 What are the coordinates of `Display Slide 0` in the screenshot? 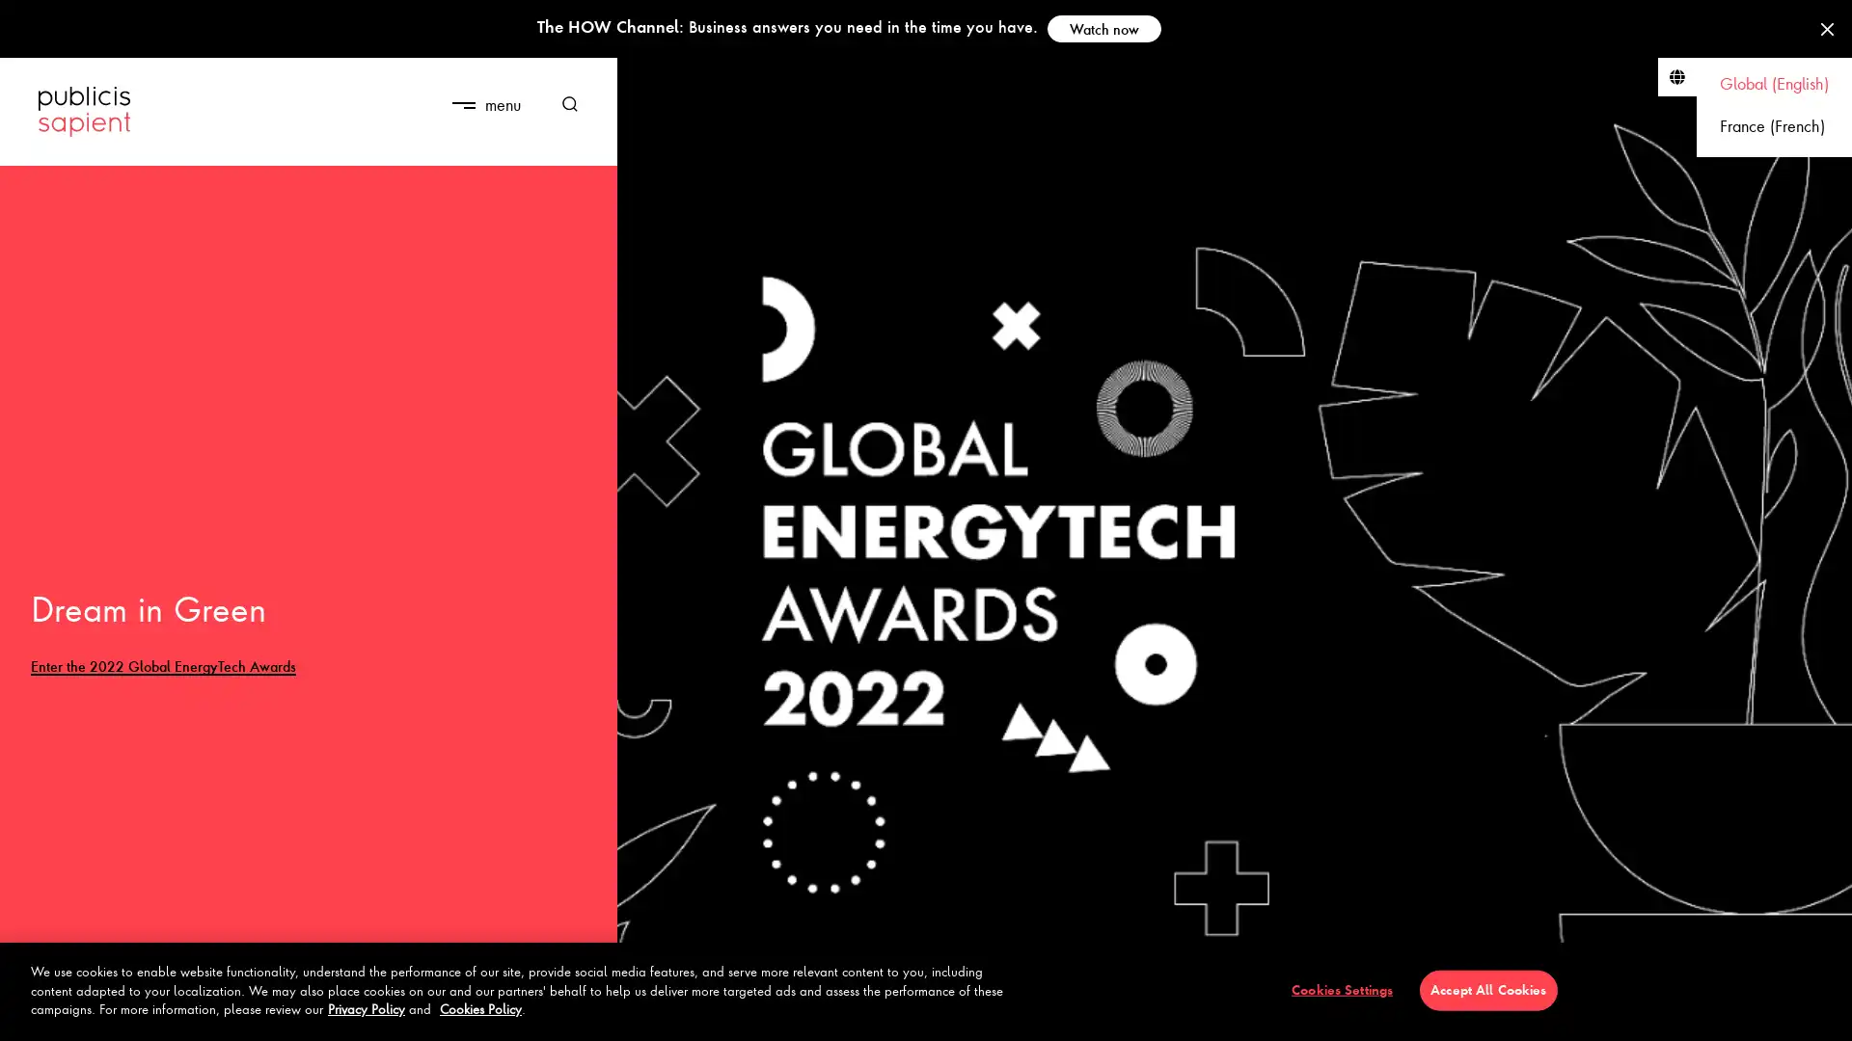 It's located at (37, 1014).